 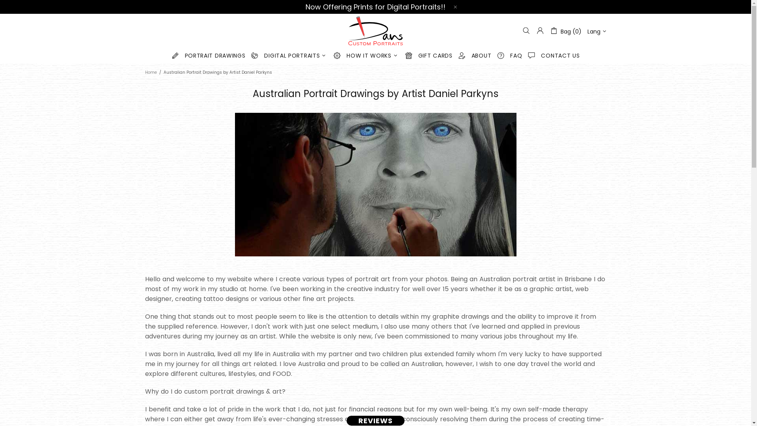 I want to click on 'Home', so click(x=151, y=73).